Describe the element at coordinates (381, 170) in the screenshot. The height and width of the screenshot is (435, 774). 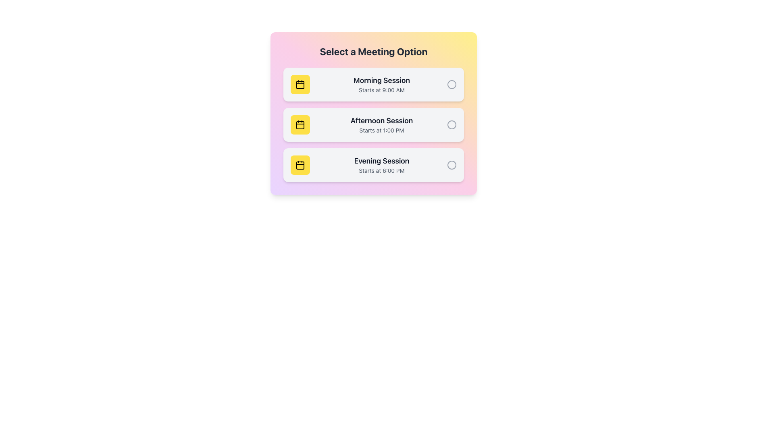
I see `the informational text that displays the start time of the 'Evening Session', positioned below the title 'Evening Session' in the vertical list of meeting options` at that location.